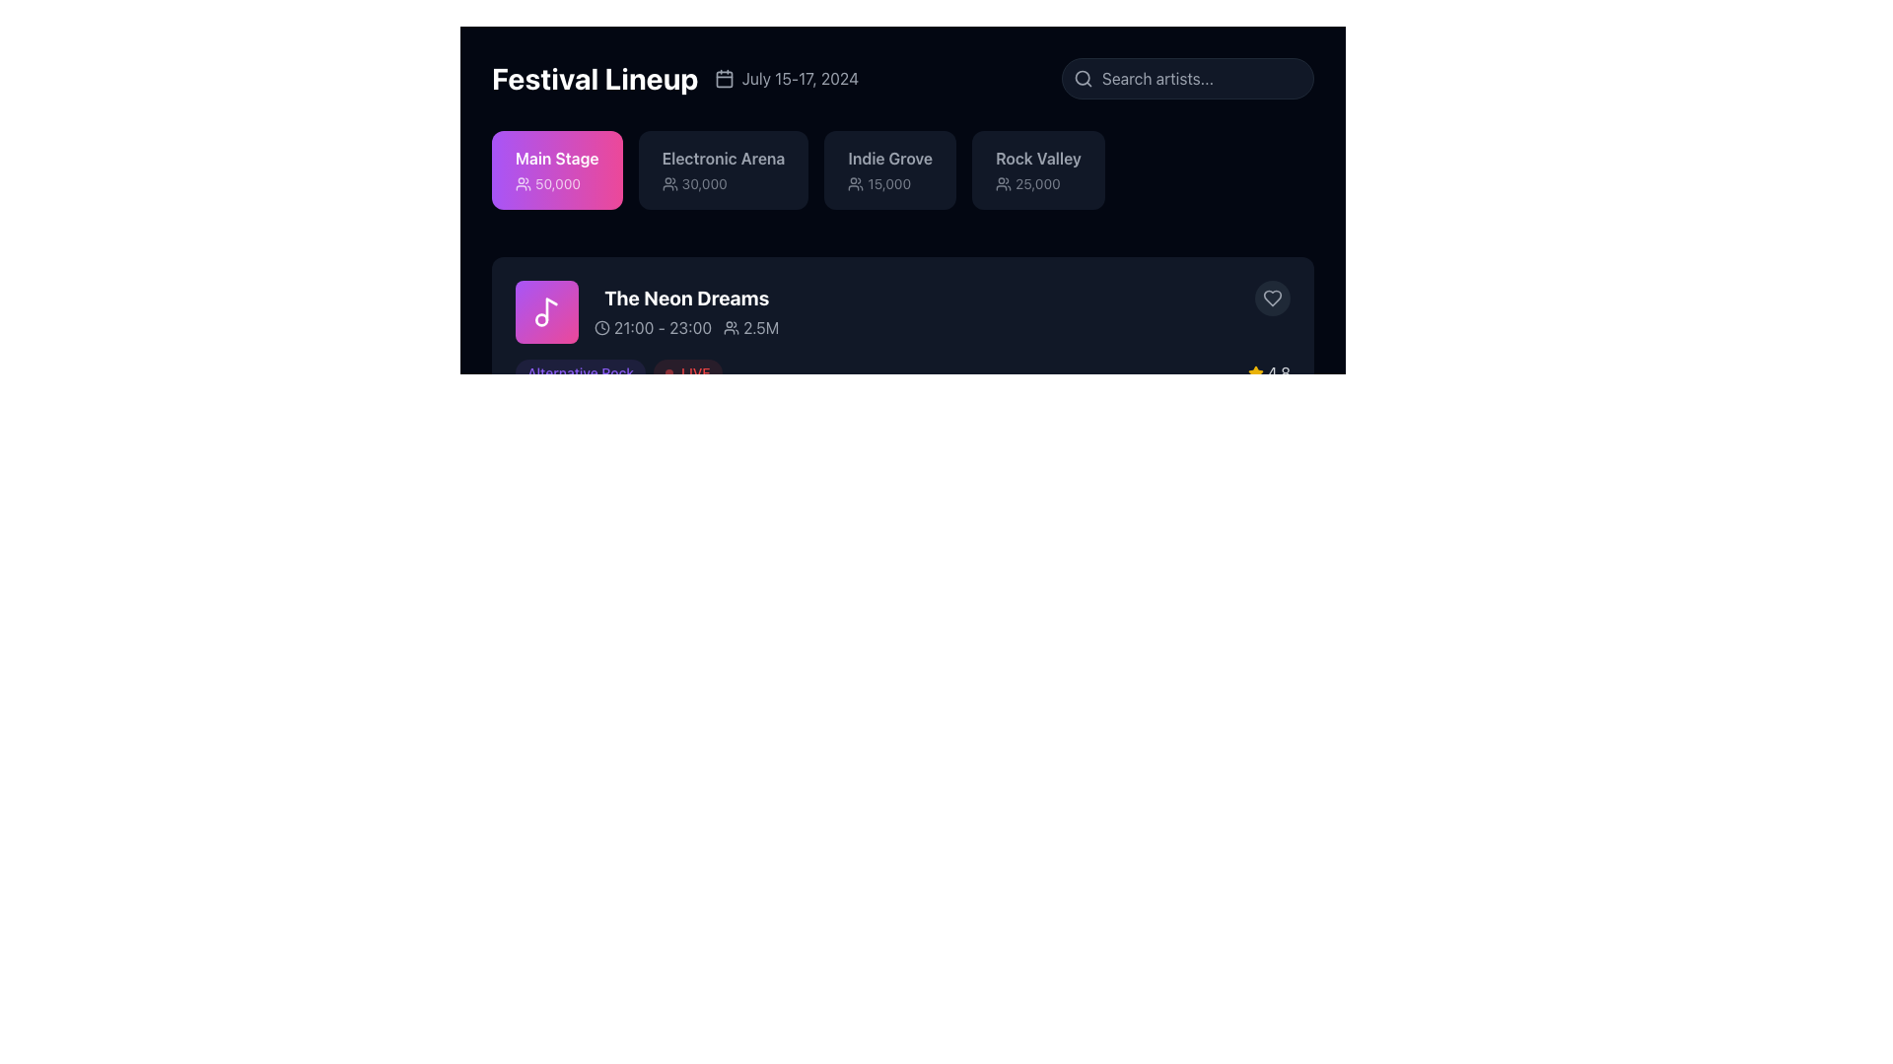 This screenshot has height=1064, width=1893. What do you see at coordinates (580, 372) in the screenshot?
I see `the text label displaying 'Alternative Rock' with a light purple background located in the lower-left section of the card for 'The Neon Dreams' event` at bounding box center [580, 372].